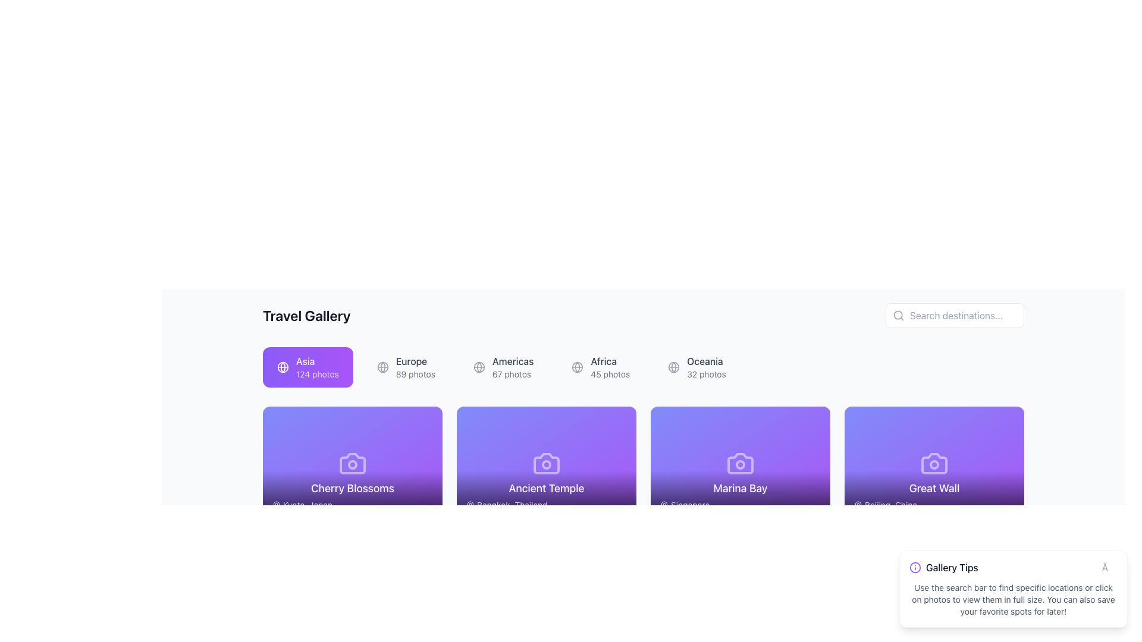  I want to click on the camera icon with a circular lens outlined in white, located in the third photo card of the Travel Gallery under the 'Marina Bay' label, so click(739, 462).